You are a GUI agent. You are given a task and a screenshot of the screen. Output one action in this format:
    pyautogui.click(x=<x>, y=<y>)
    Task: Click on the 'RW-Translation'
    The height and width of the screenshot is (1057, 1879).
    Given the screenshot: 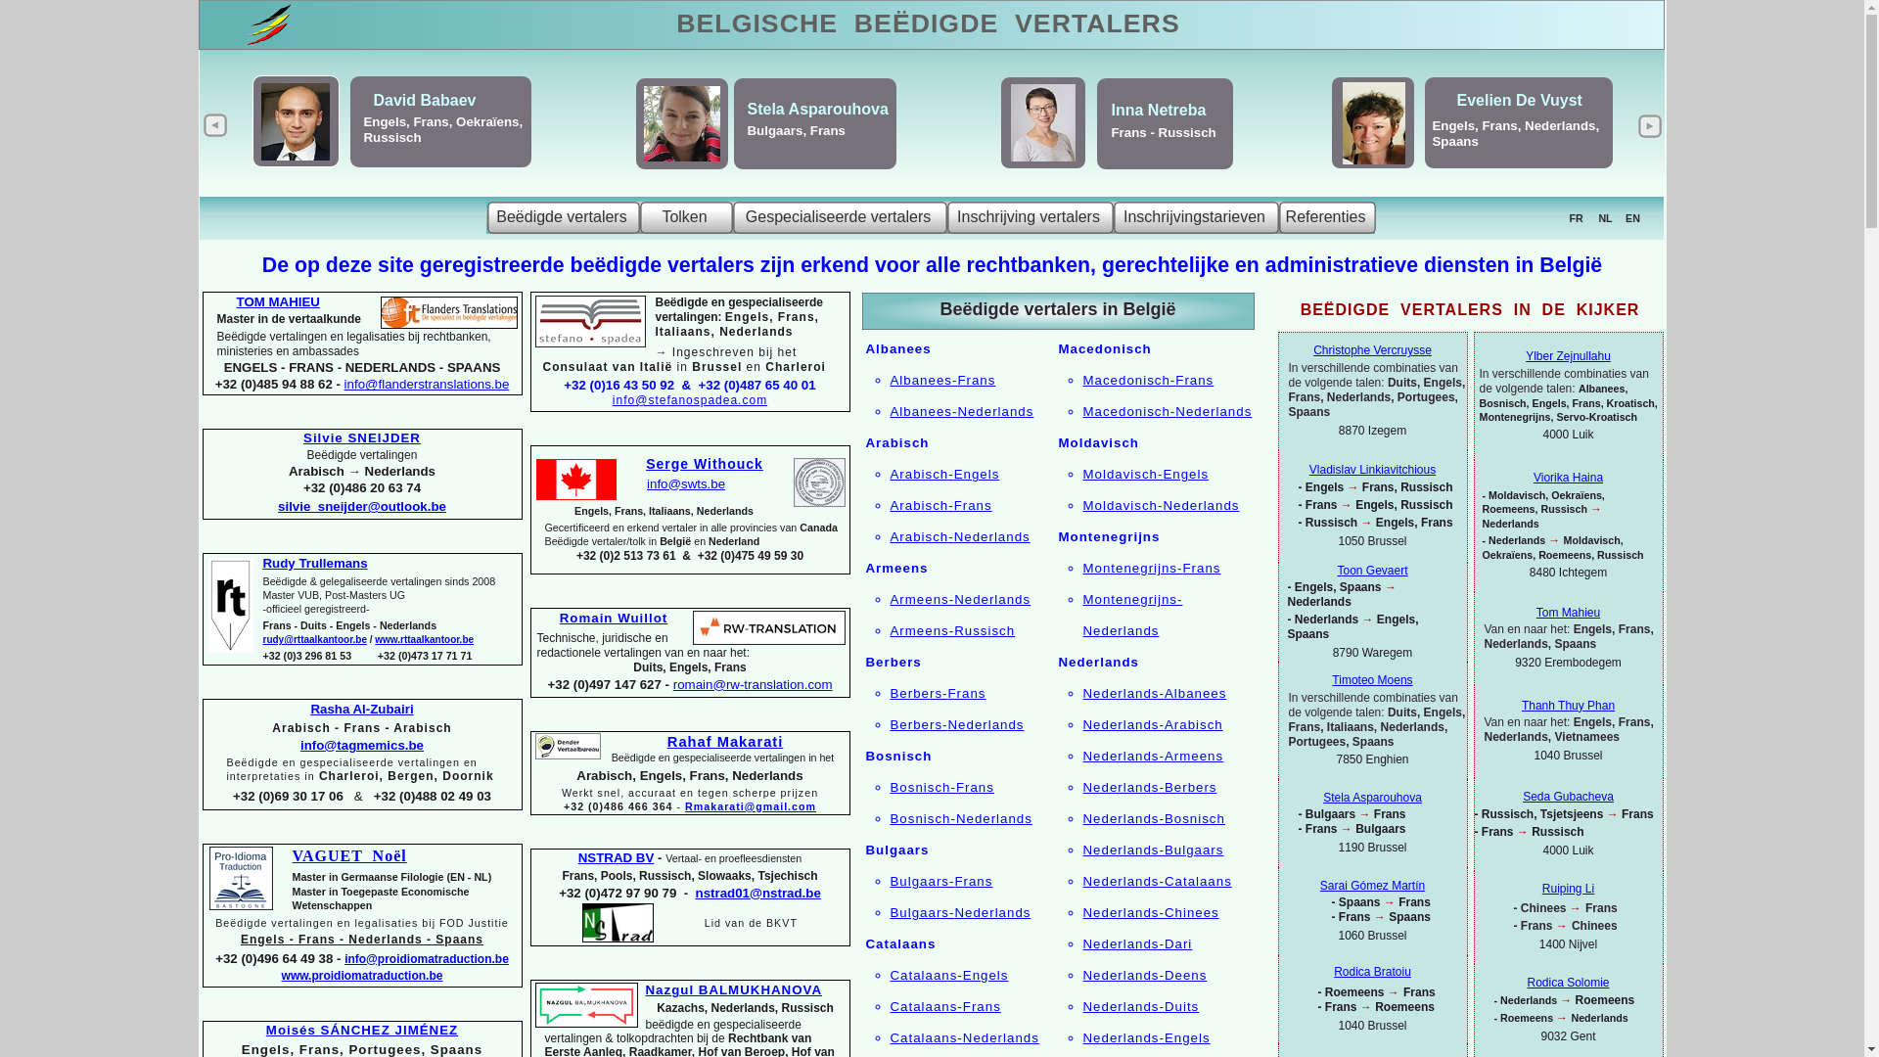 What is the action you would take?
    pyautogui.click(x=768, y=627)
    